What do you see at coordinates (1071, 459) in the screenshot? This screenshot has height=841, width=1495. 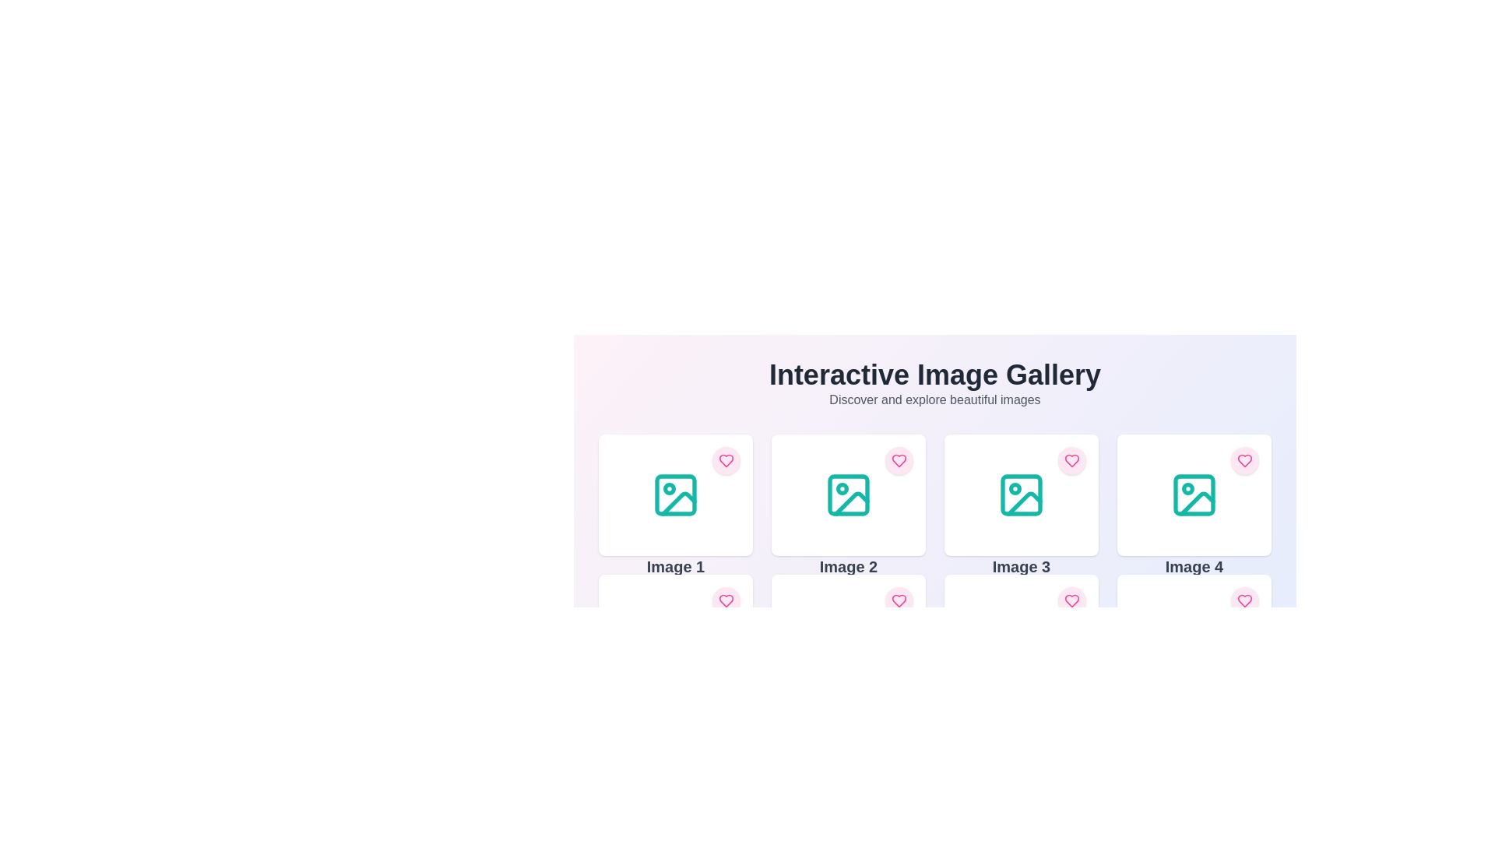 I see `the circular pink button with a heart icon located at the top-right corner of the 'Image 3' box in the interactive image gallery` at bounding box center [1071, 459].